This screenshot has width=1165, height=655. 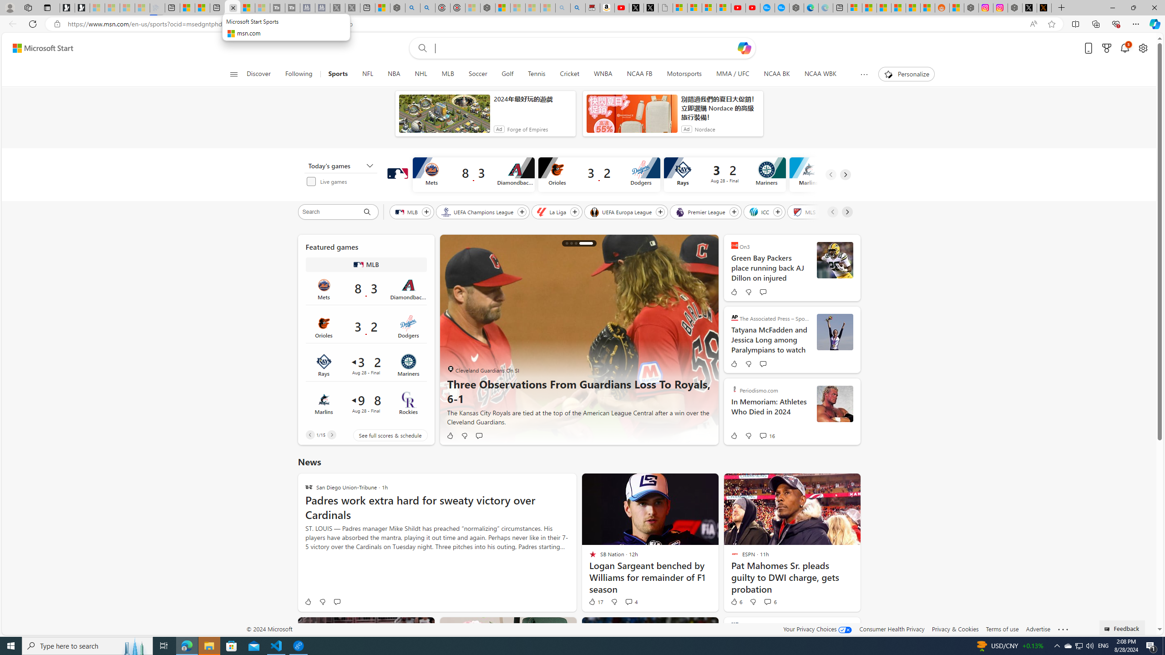 I want to click on 'poe - Search', so click(x=412, y=7).